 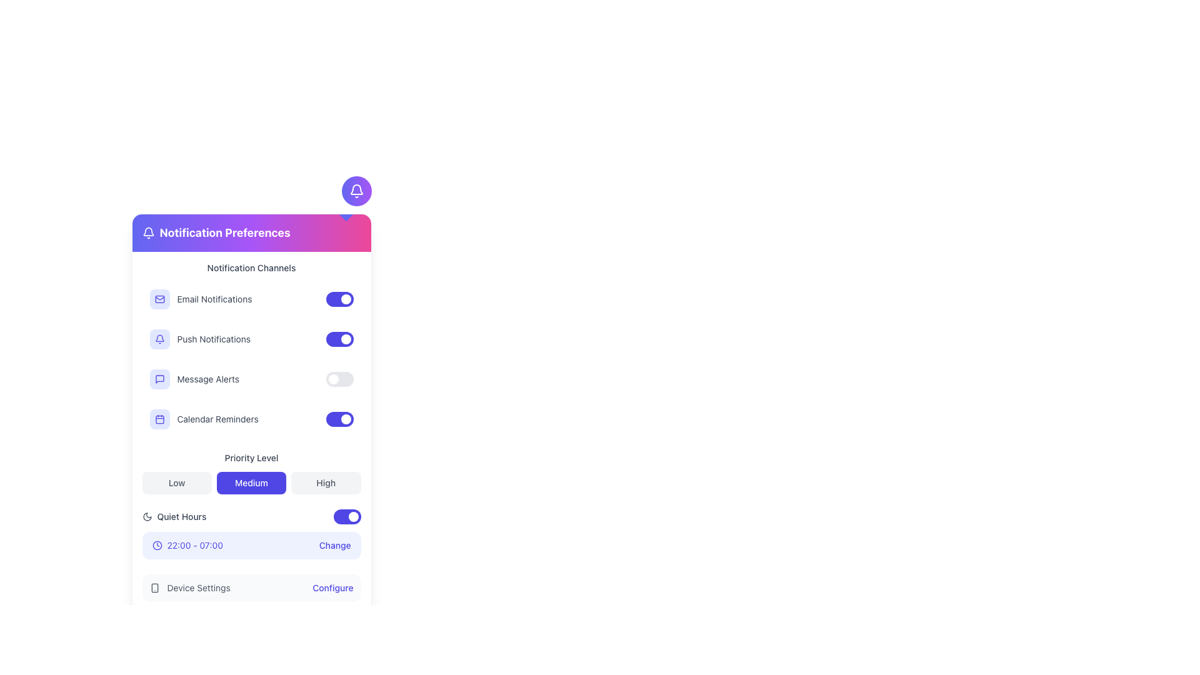 What do you see at coordinates (251, 267) in the screenshot?
I see `the Text Label or Header that describes the content and purpose of the notification options in the 'Notification Preferences' panel` at bounding box center [251, 267].